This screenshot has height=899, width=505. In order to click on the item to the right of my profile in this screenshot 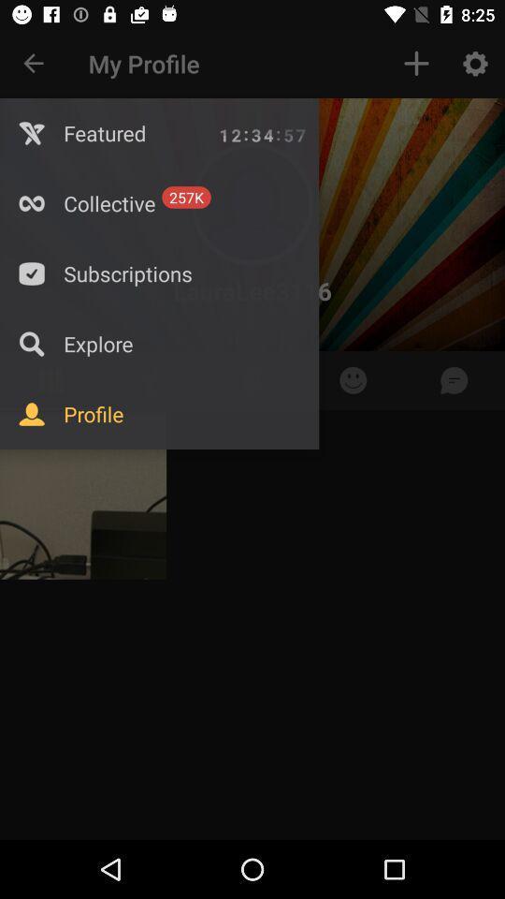, I will do `click(416, 64)`.